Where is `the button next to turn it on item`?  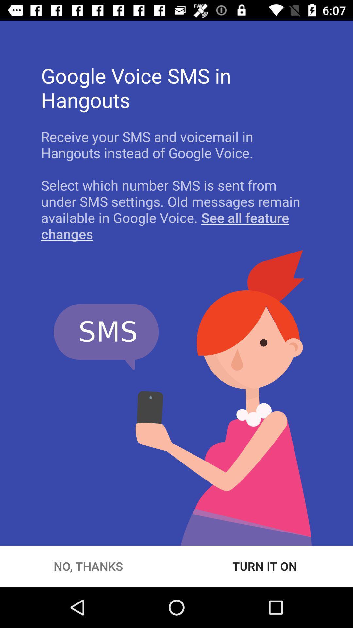
the button next to turn it on item is located at coordinates (88, 566).